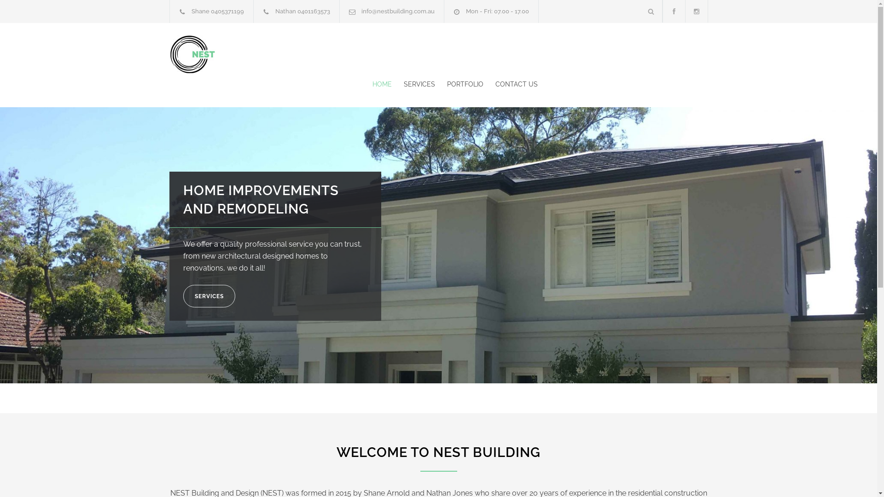  I want to click on 'Search', so click(640, 11).